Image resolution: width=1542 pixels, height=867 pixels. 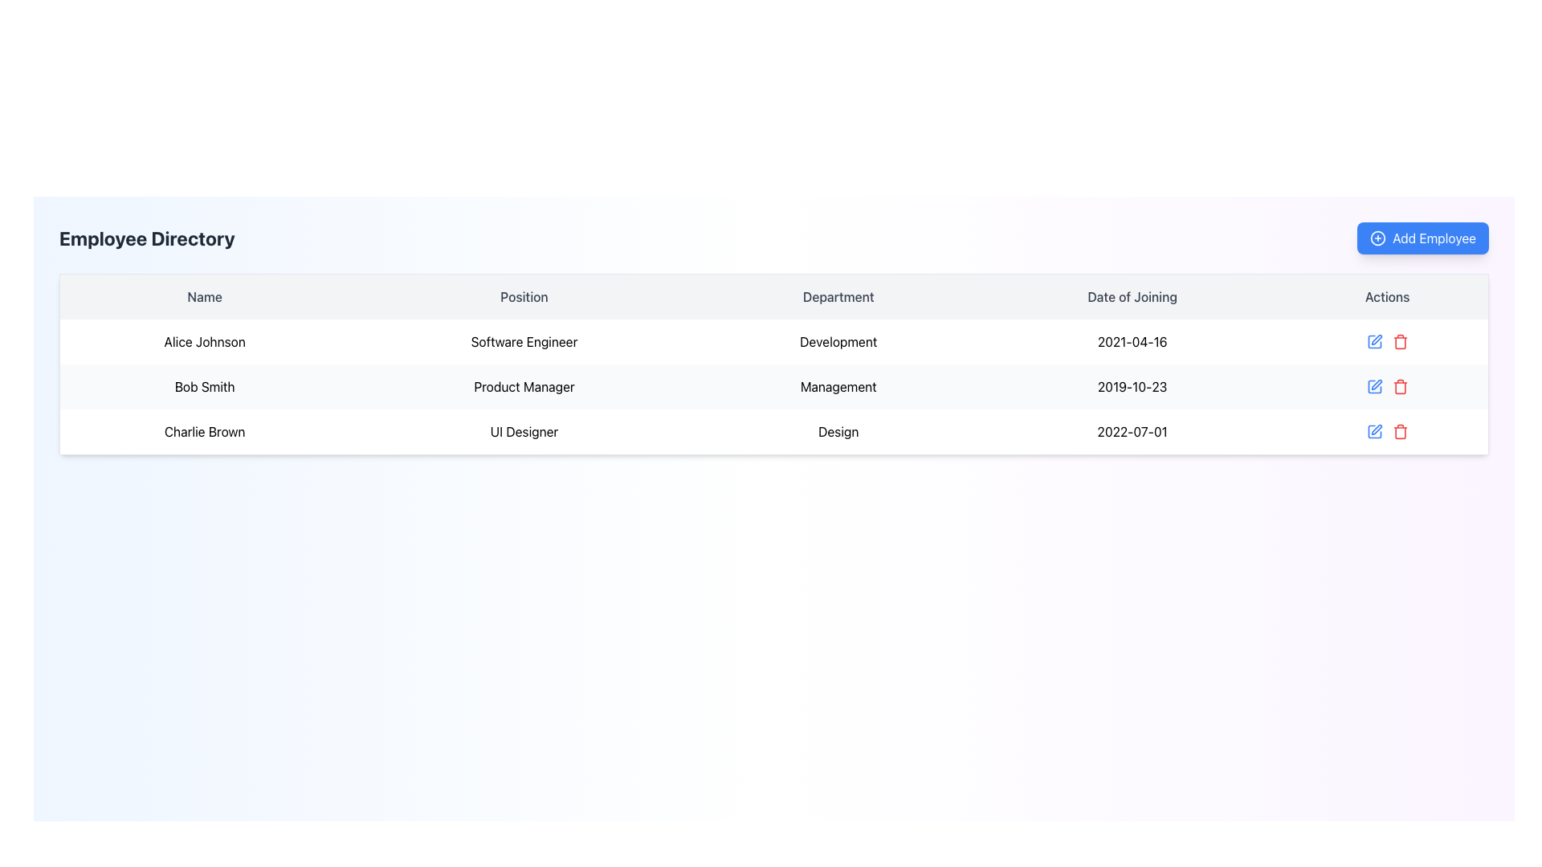 What do you see at coordinates (1132, 387) in the screenshot?
I see `the static text displaying the date of joining for an employee, located in the fourth column of the second row in the employee details table` at bounding box center [1132, 387].